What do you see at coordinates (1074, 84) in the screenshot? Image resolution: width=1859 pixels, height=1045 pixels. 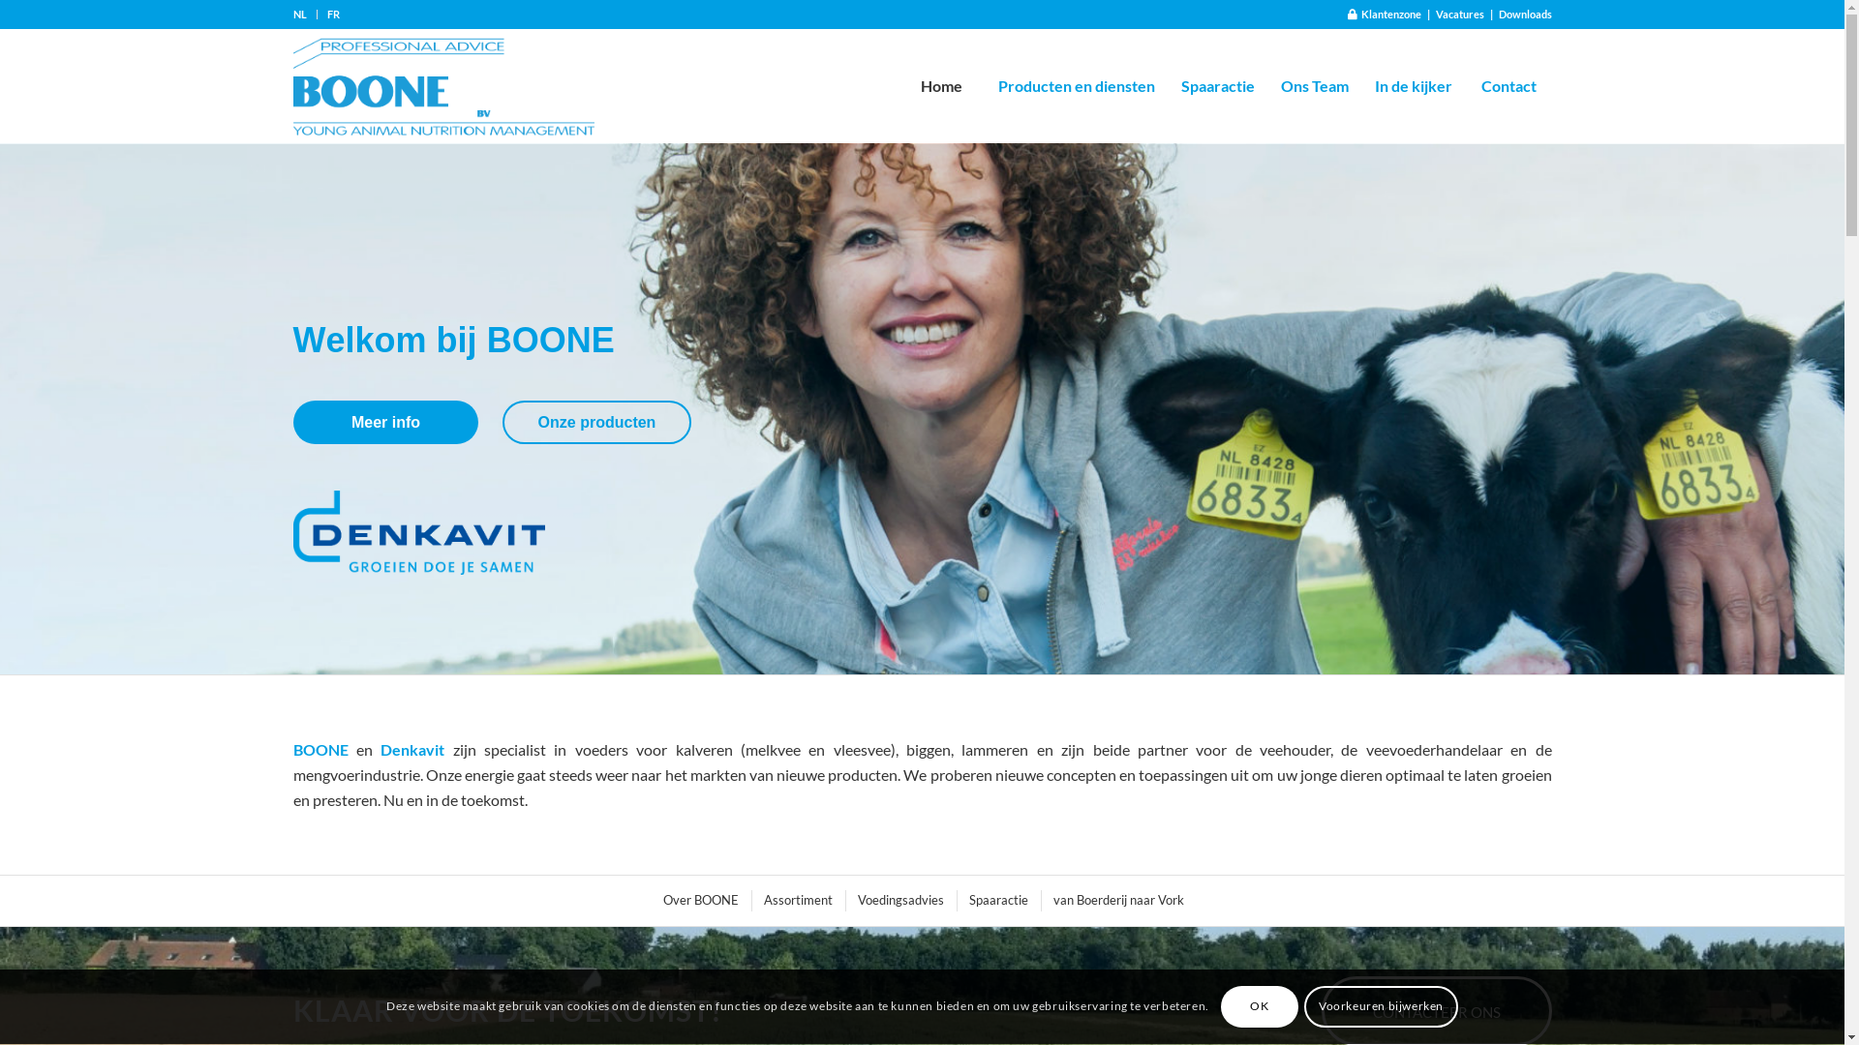 I see `'Producten en diensten'` at bounding box center [1074, 84].